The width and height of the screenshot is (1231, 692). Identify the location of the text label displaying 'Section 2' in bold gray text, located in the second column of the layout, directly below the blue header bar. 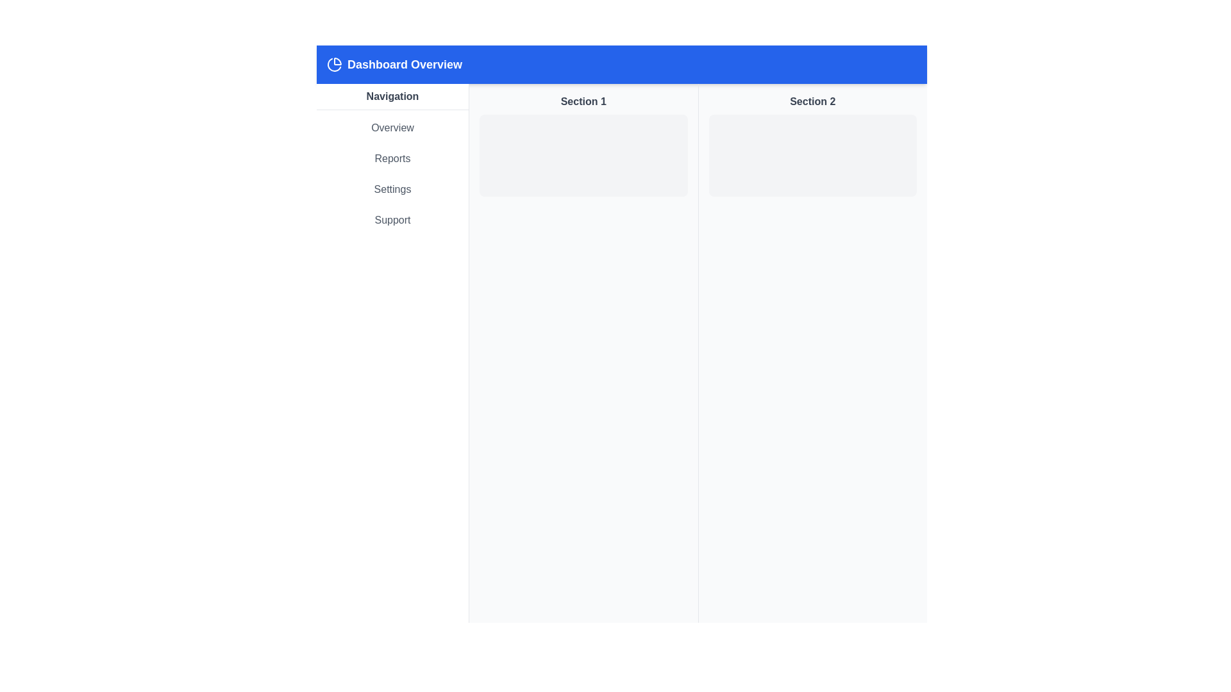
(812, 101).